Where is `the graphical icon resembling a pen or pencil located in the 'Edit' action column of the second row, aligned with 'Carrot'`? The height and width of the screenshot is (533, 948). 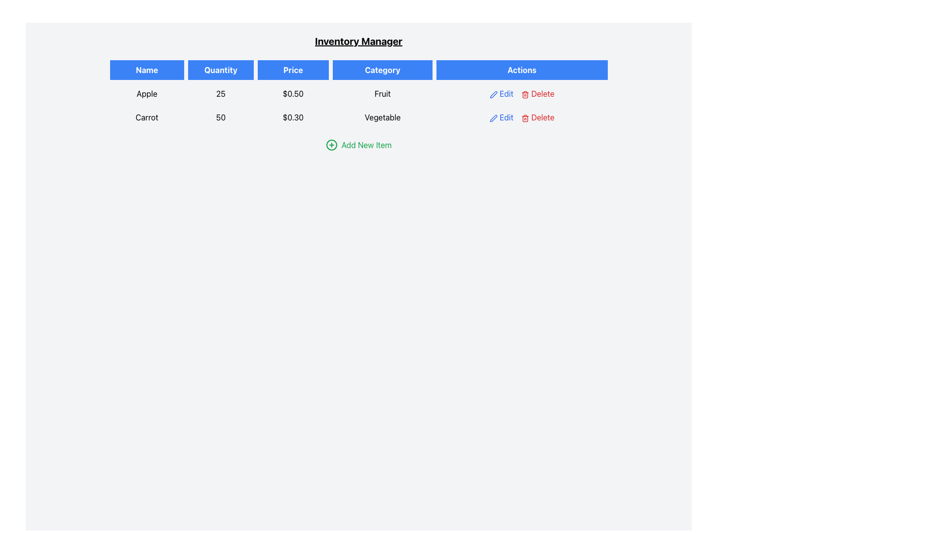 the graphical icon resembling a pen or pencil located in the 'Edit' action column of the second row, aligned with 'Carrot' is located at coordinates (493, 117).